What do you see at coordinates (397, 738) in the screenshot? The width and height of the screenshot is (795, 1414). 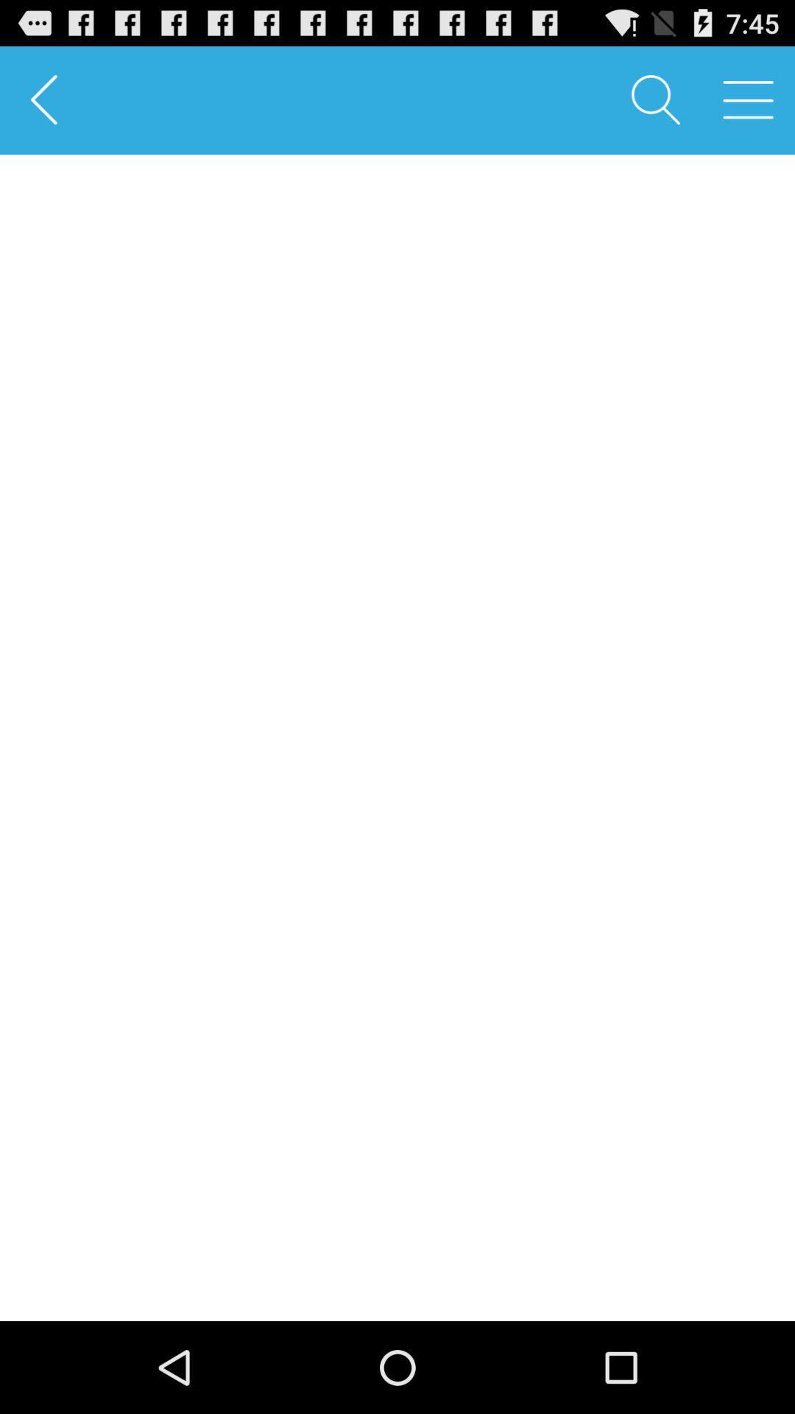 I see `the item at the center` at bounding box center [397, 738].